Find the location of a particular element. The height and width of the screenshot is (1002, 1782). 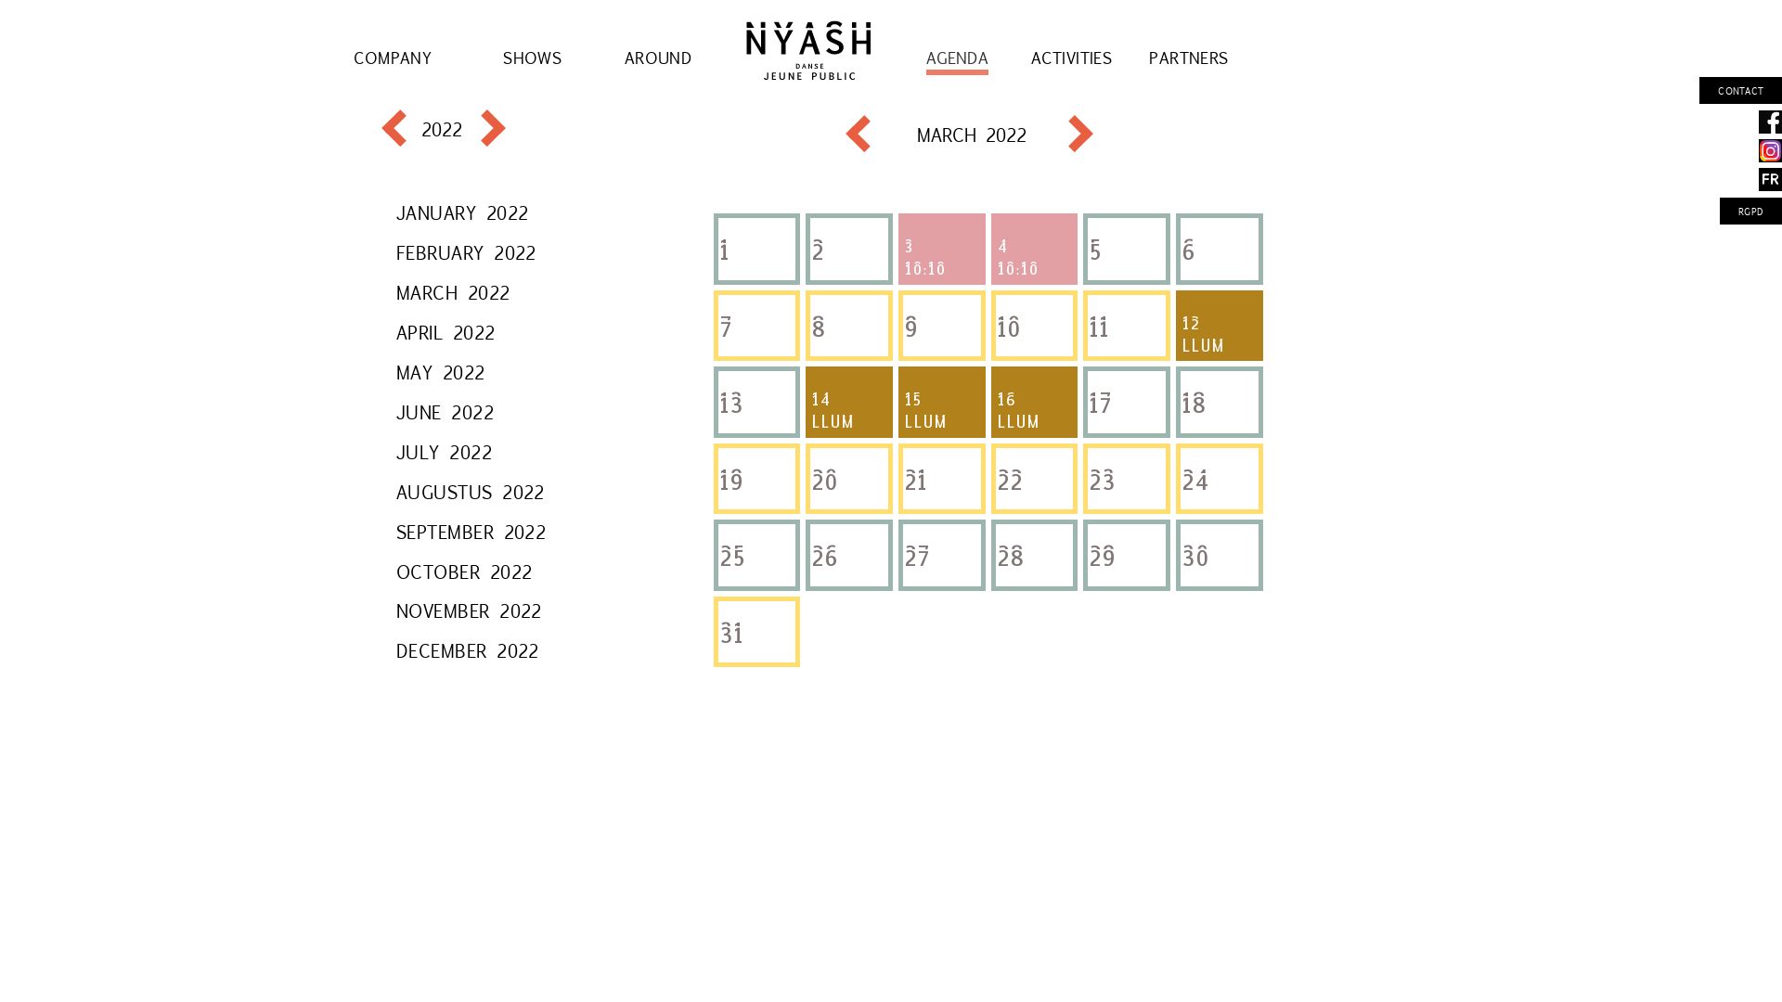

'ACTIVITIES' is located at coordinates (1071, 56).